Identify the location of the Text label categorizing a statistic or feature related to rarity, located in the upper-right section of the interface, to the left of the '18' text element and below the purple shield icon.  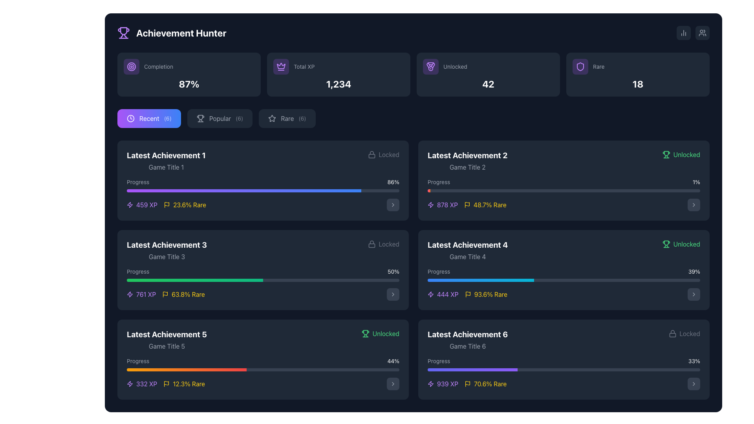
(638, 66).